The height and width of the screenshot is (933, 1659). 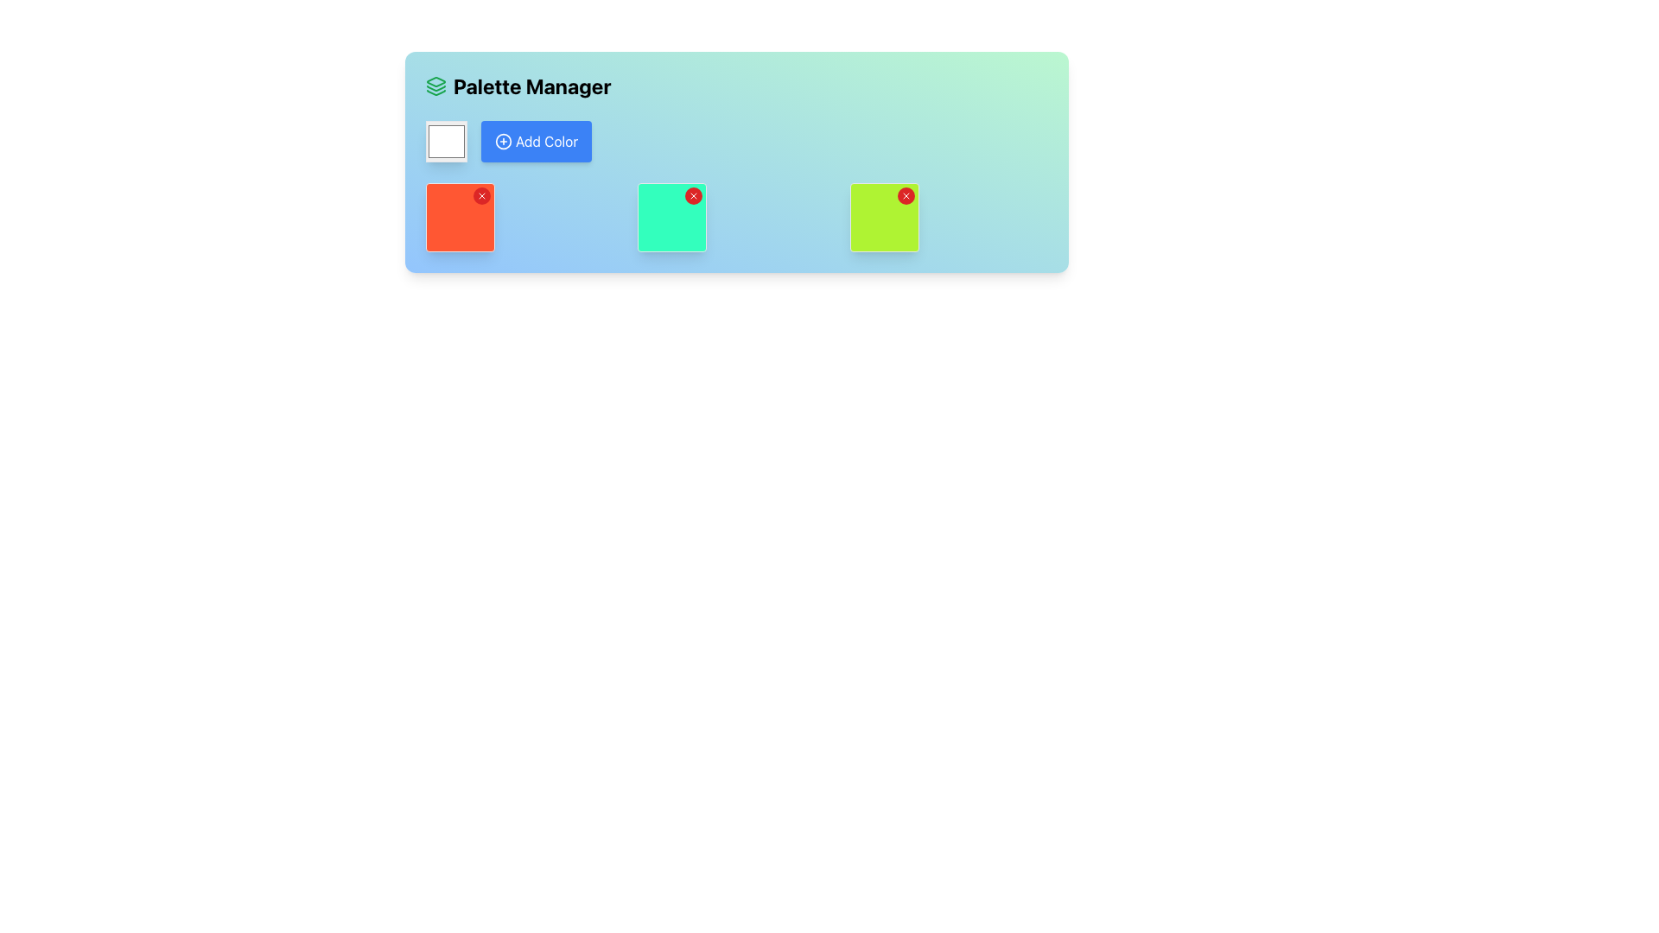 What do you see at coordinates (502, 141) in the screenshot?
I see `the SVG circle element styled with a stroke color and width, located near the top center of the interface within the 'Palette Manager' module, adjacent to the 'Add Color' button` at bounding box center [502, 141].